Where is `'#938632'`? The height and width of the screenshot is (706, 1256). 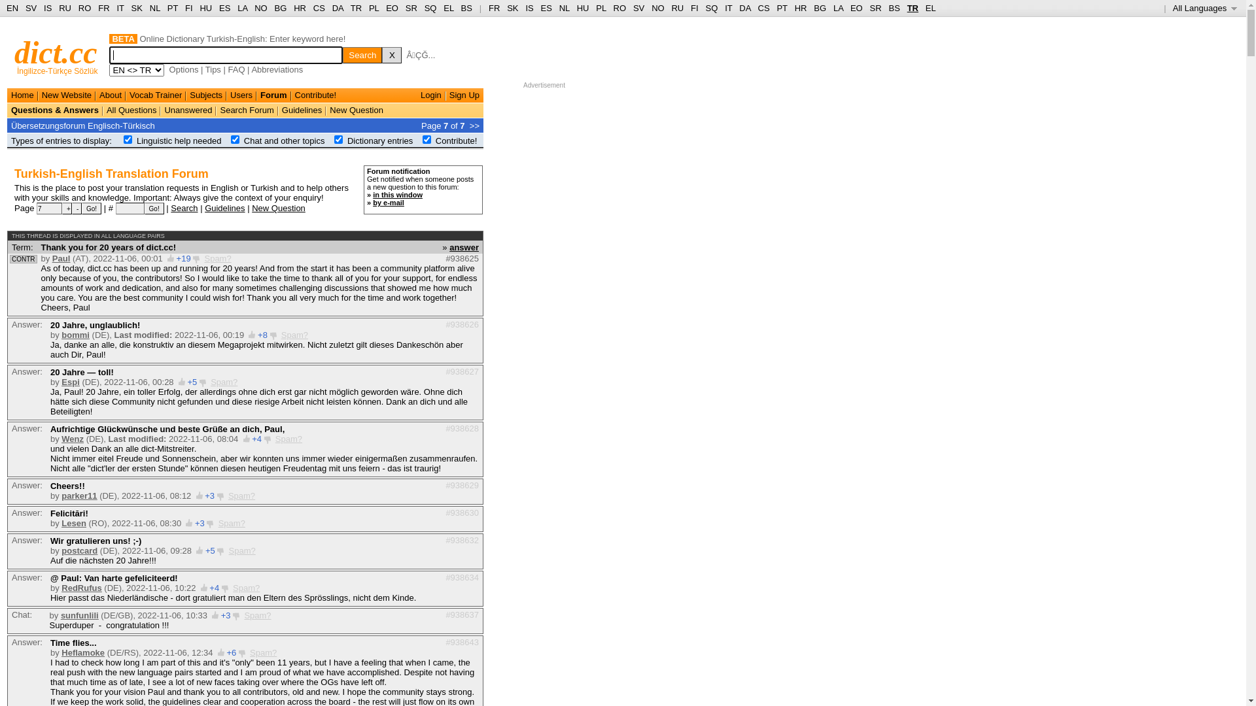 '#938632' is located at coordinates (462, 539).